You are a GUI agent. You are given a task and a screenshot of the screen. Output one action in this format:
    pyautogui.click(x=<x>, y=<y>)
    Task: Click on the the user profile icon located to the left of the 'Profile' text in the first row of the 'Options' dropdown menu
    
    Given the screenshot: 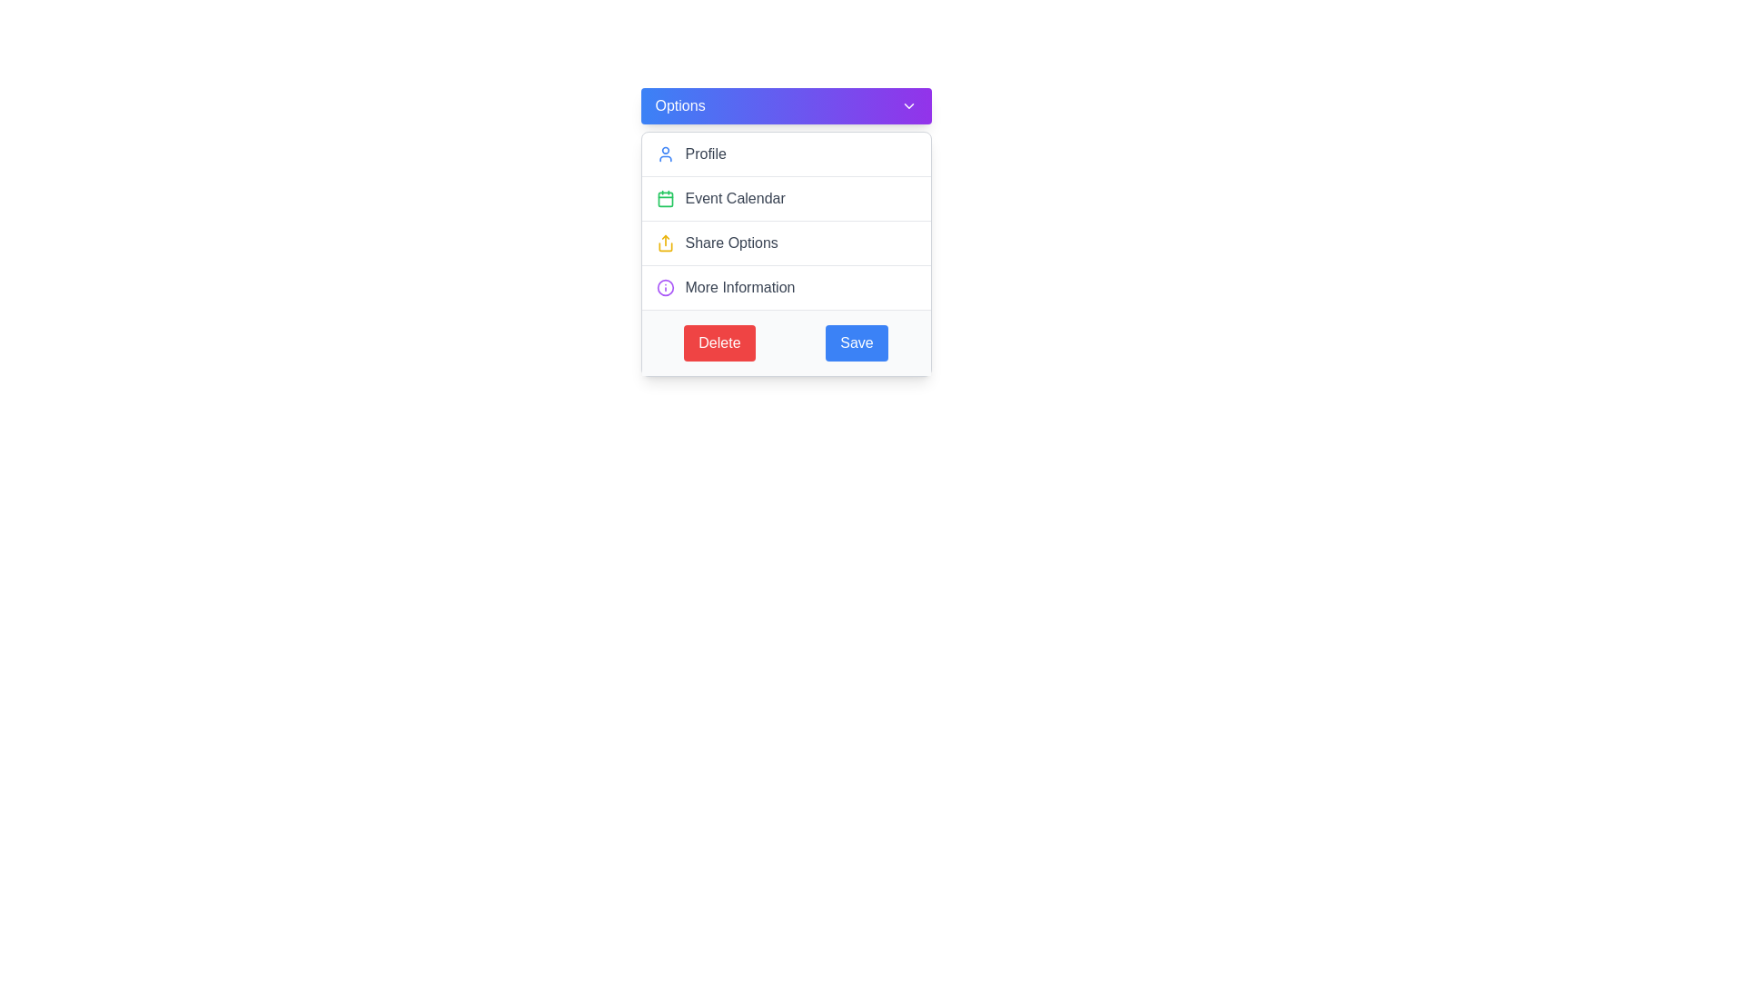 What is the action you would take?
    pyautogui.click(x=664, y=153)
    